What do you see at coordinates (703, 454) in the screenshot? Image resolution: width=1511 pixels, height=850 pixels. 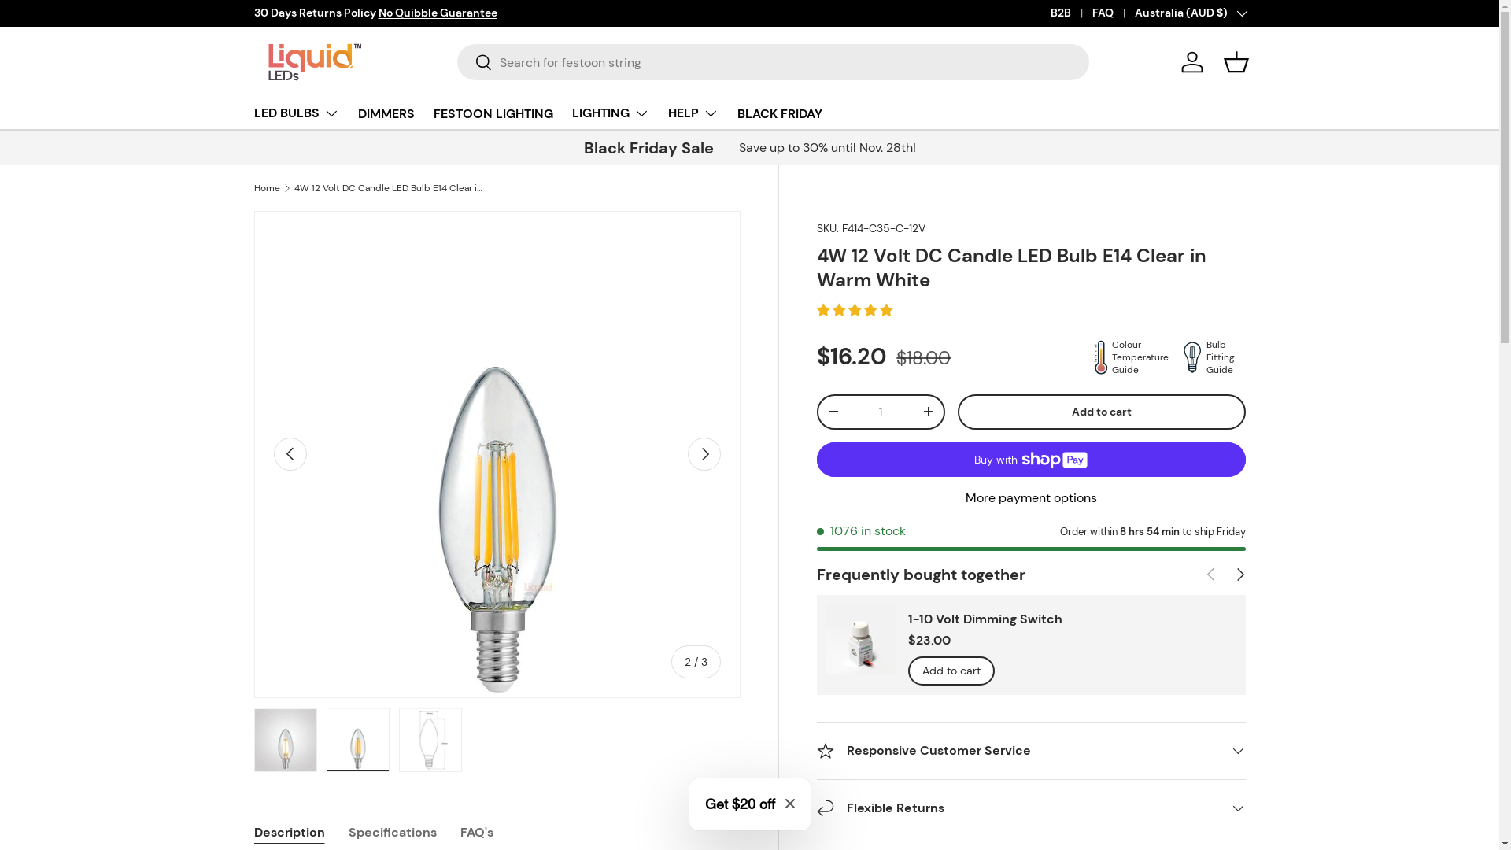 I see `'Next'` at bounding box center [703, 454].